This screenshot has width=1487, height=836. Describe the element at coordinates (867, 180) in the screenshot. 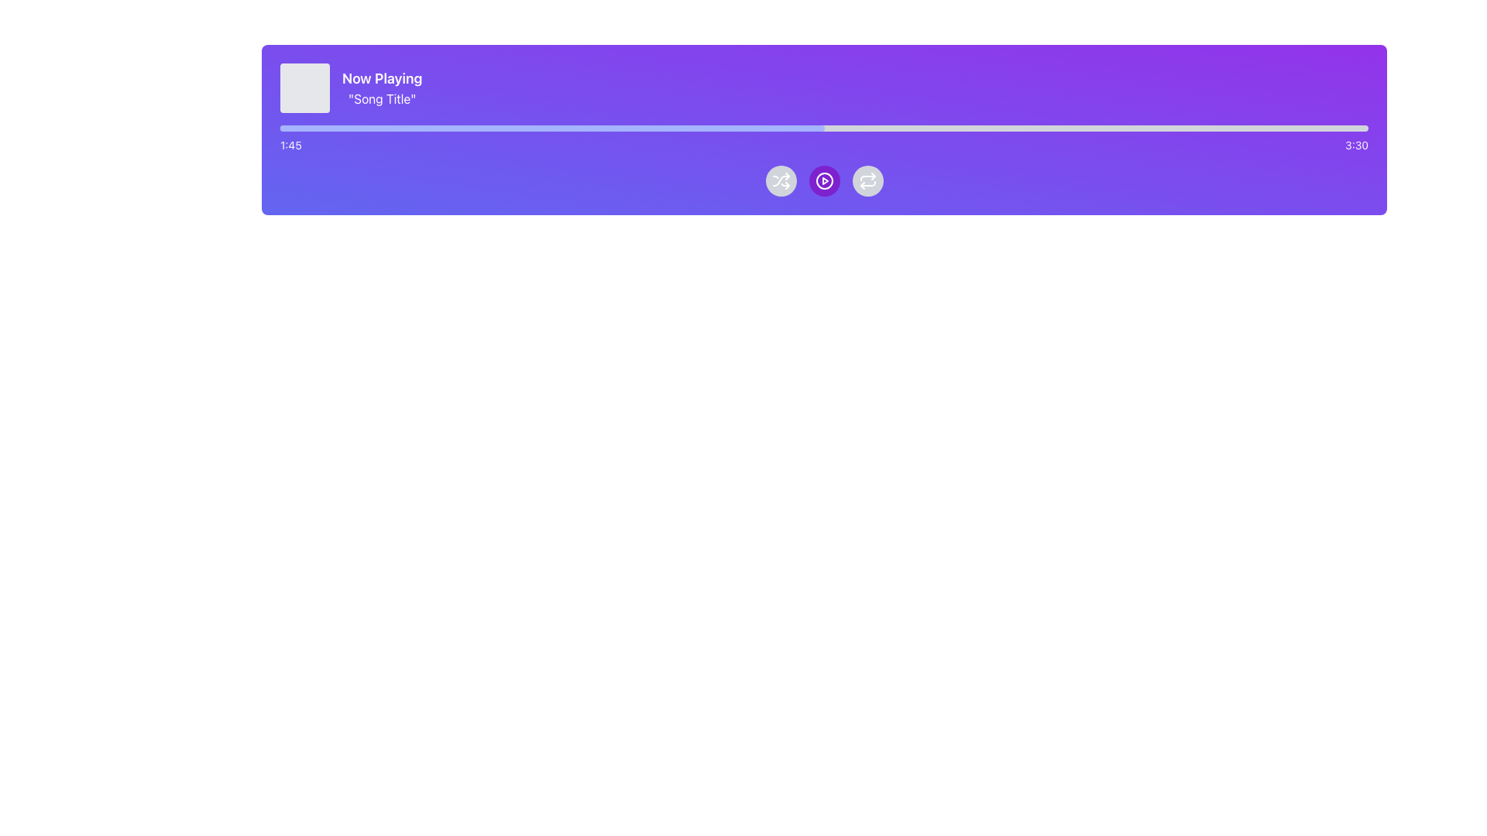

I see `the circular repeat button with a light gray background and a white double arrow icon` at that location.